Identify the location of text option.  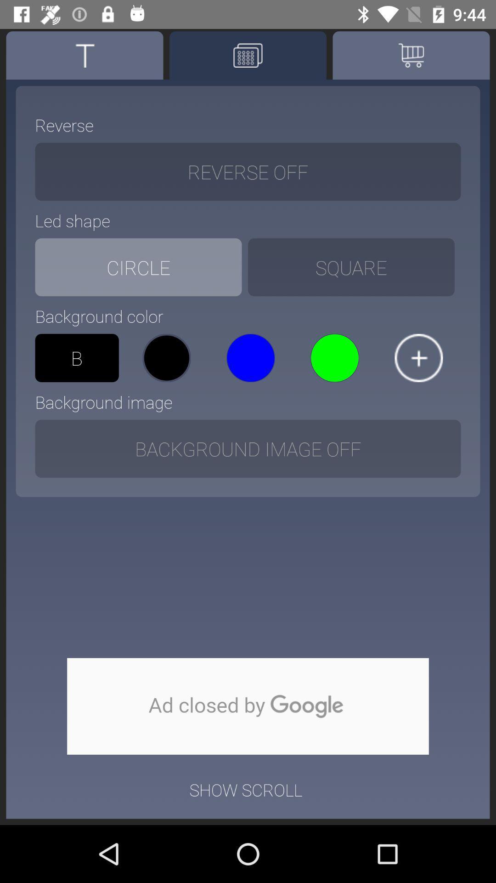
(85, 55).